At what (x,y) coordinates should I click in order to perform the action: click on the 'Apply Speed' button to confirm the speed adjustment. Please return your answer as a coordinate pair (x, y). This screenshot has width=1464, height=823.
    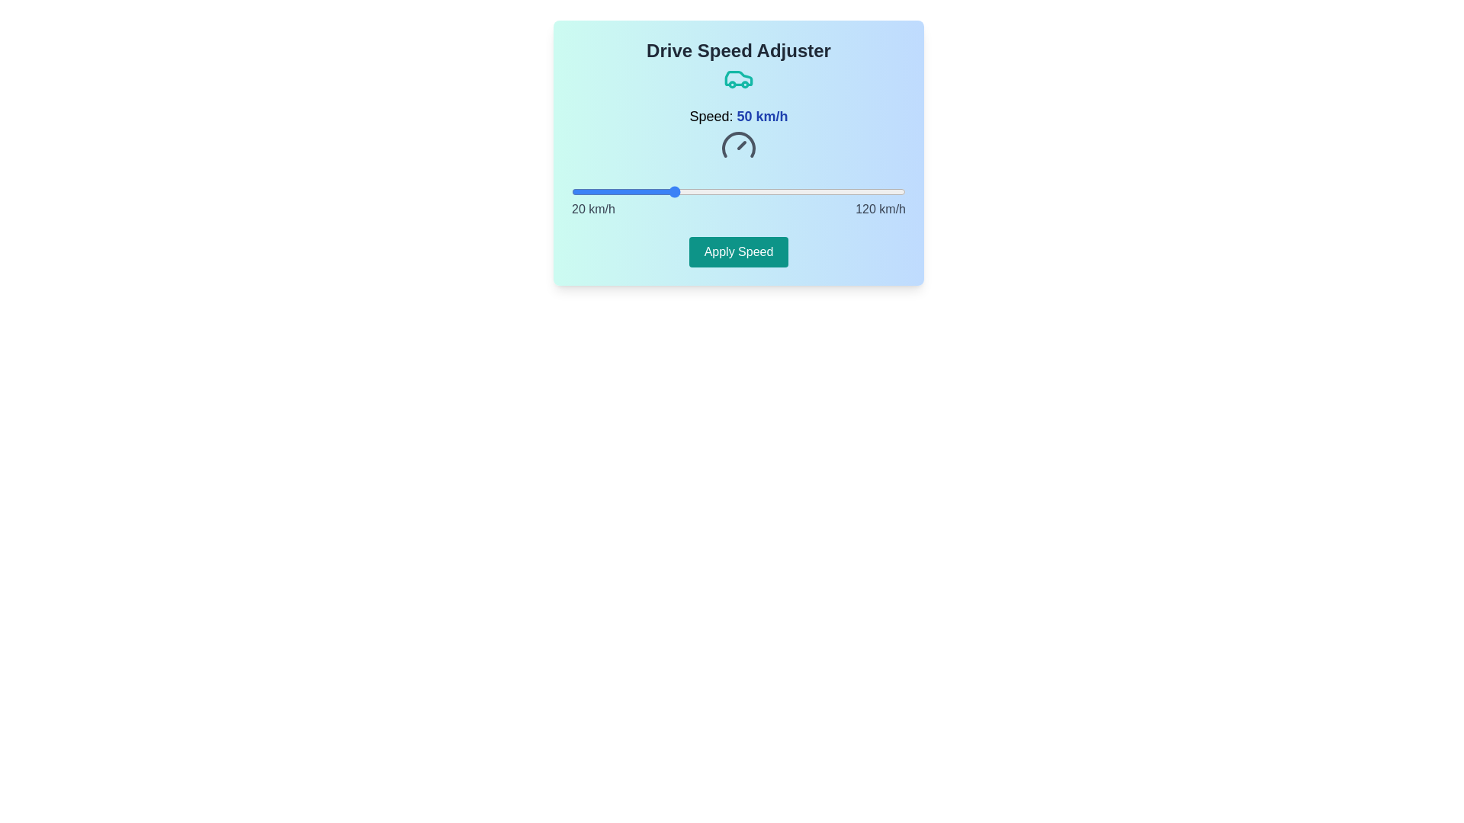
    Looking at the image, I should click on (739, 251).